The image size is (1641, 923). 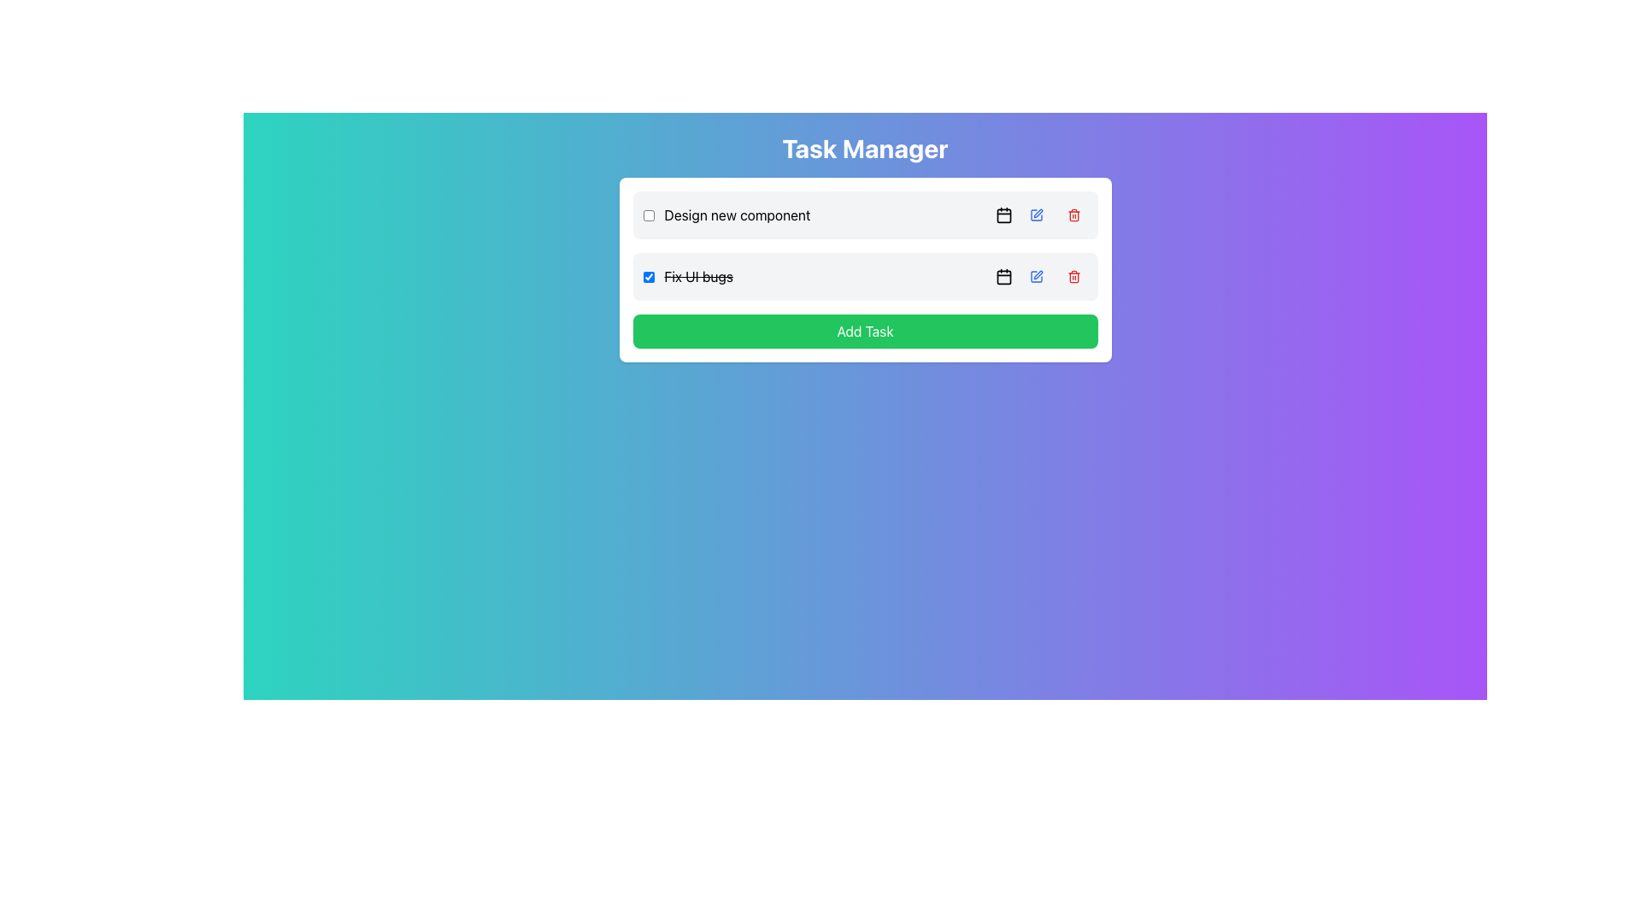 What do you see at coordinates (1035, 276) in the screenshot?
I see `the edit button for the task 'Fix UI bugs'` at bounding box center [1035, 276].